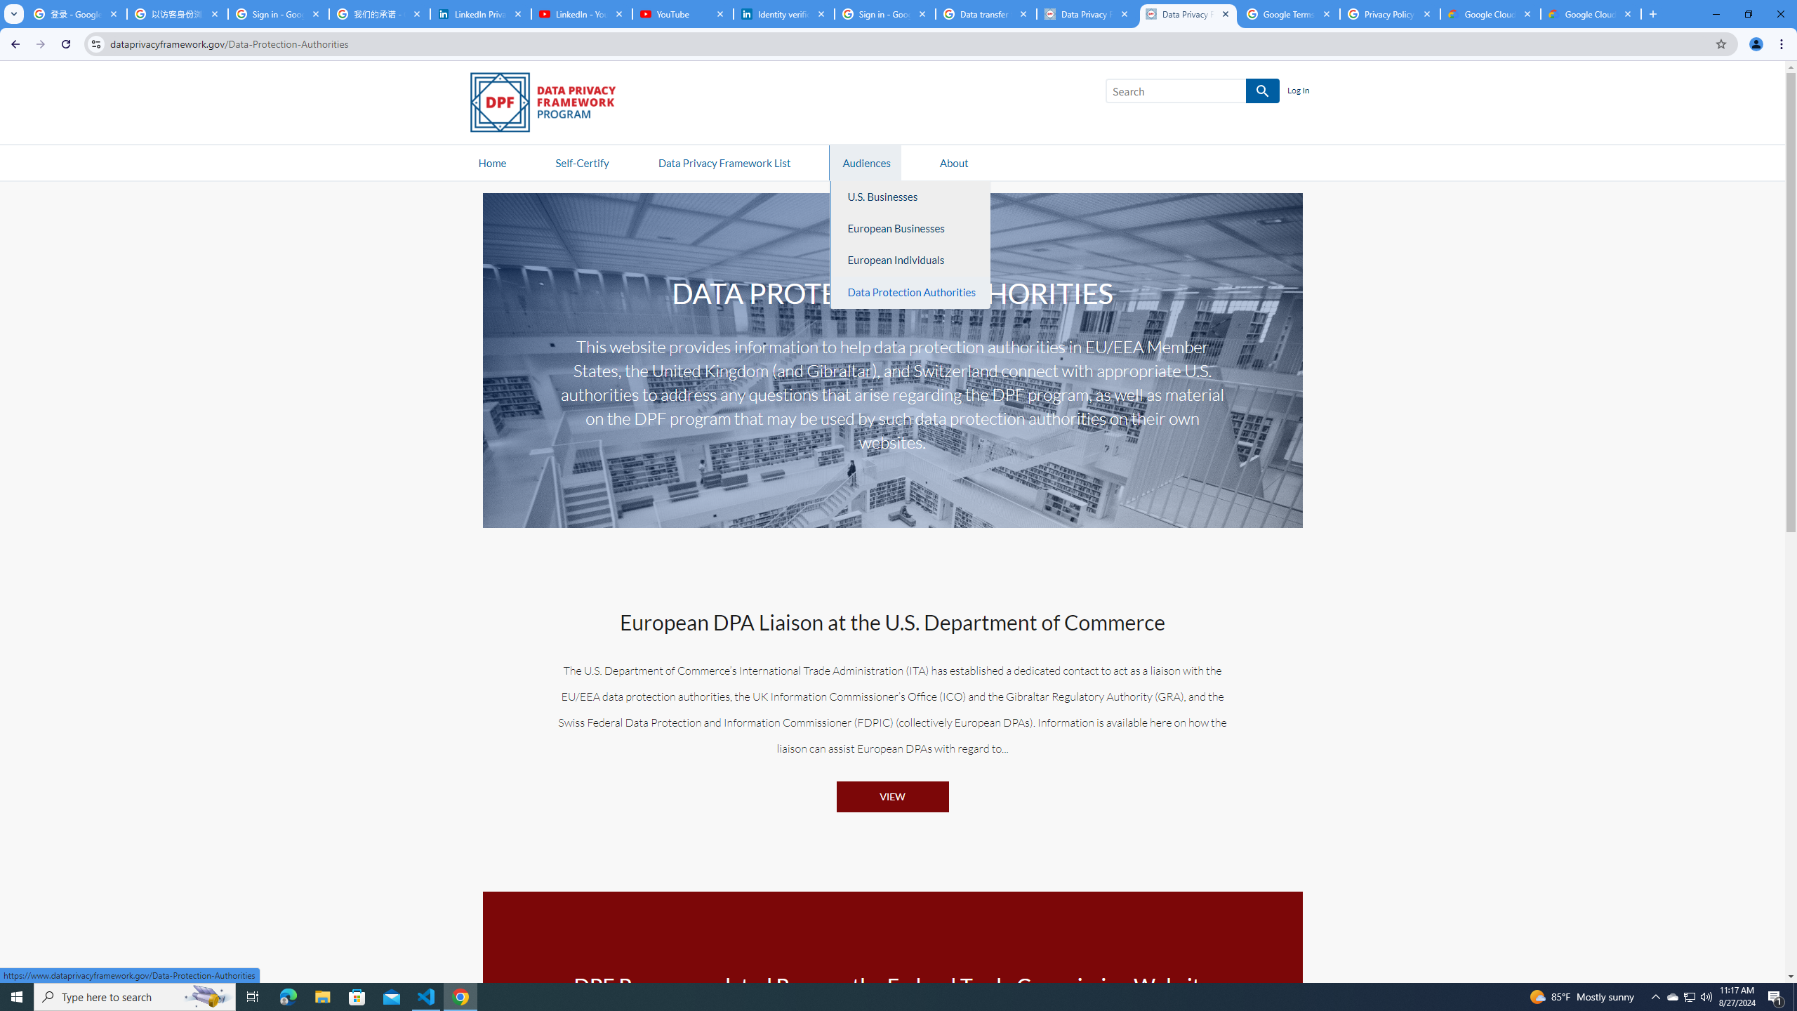  Describe the element at coordinates (912, 260) in the screenshot. I see `'European Individuals'` at that location.